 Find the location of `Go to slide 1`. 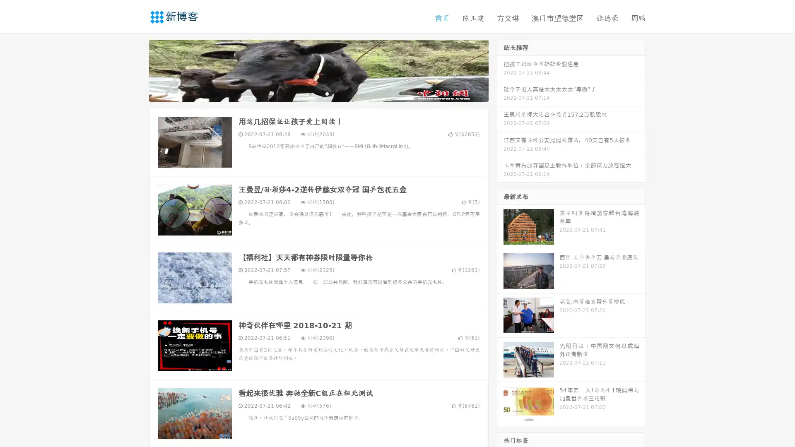

Go to slide 1 is located at coordinates (310, 93).